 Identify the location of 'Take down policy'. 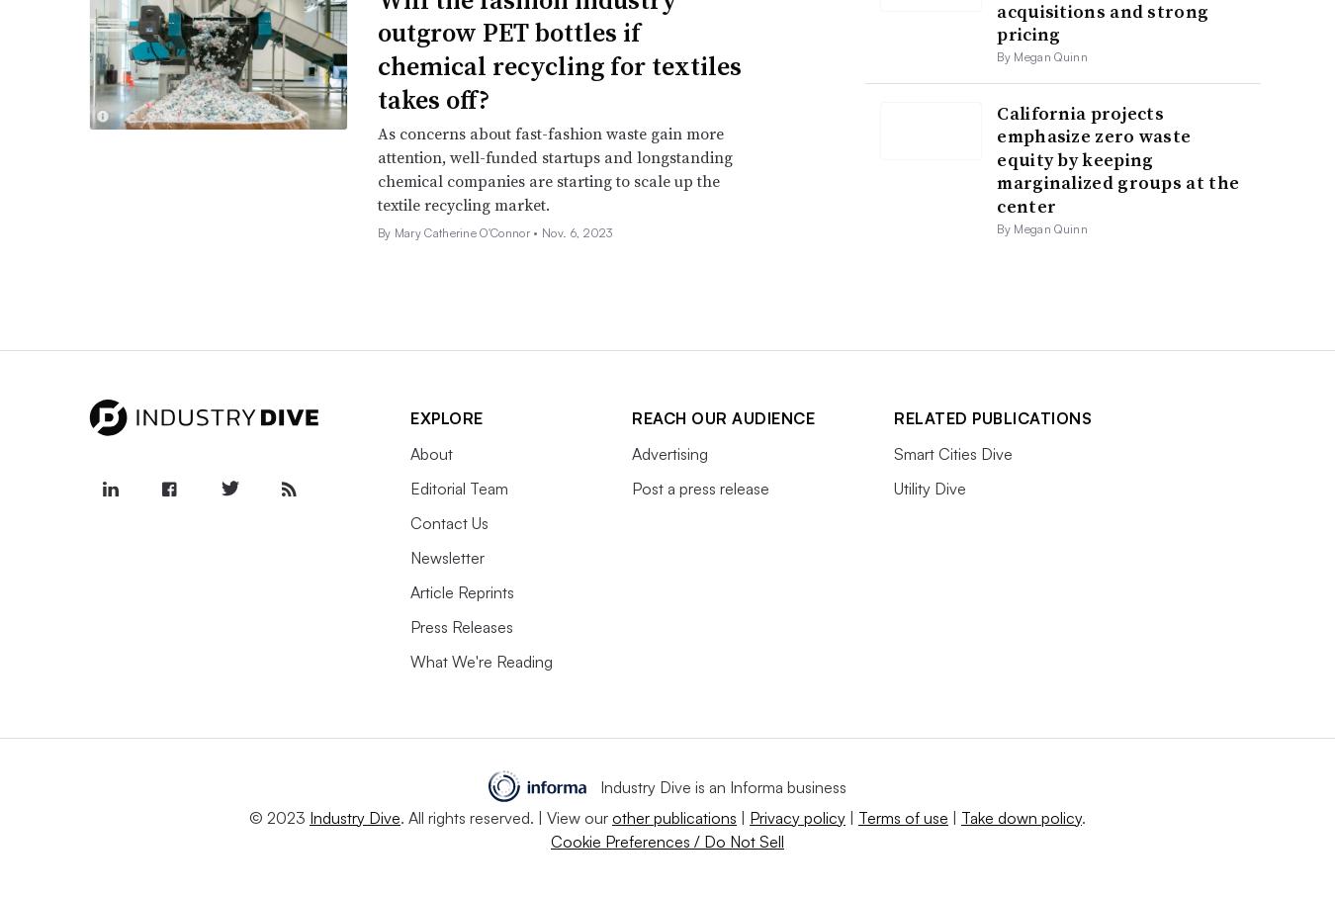
(1022, 816).